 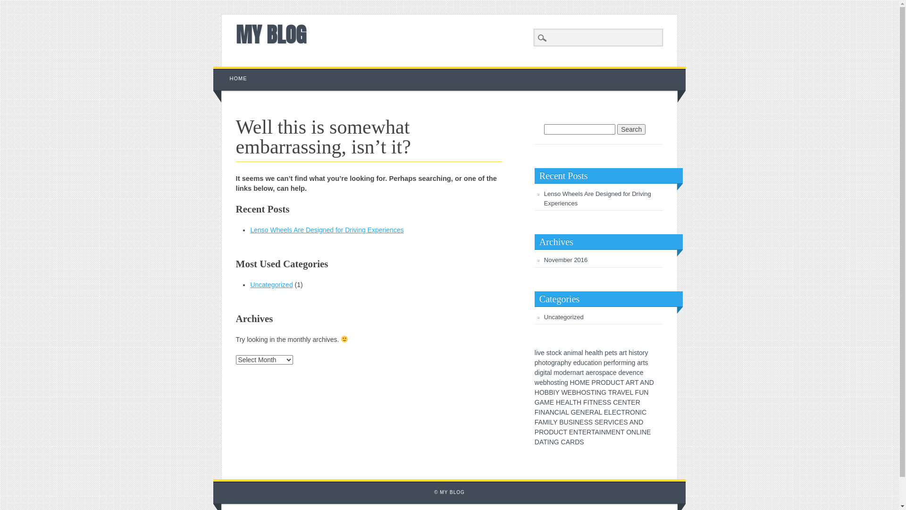 What do you see at coordinates (612, 362) in the screenshot?
I see `'r'` at bounding box center [612, 362].